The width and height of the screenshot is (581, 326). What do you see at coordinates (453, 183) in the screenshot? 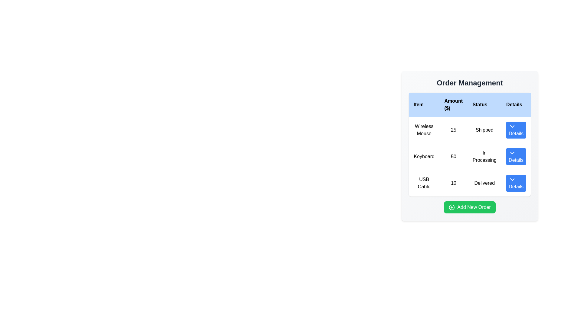
I see `the text label displaying the price for the 'USB Cable' item in the 'Amount' column of the table` at bounding box center [453, 183].